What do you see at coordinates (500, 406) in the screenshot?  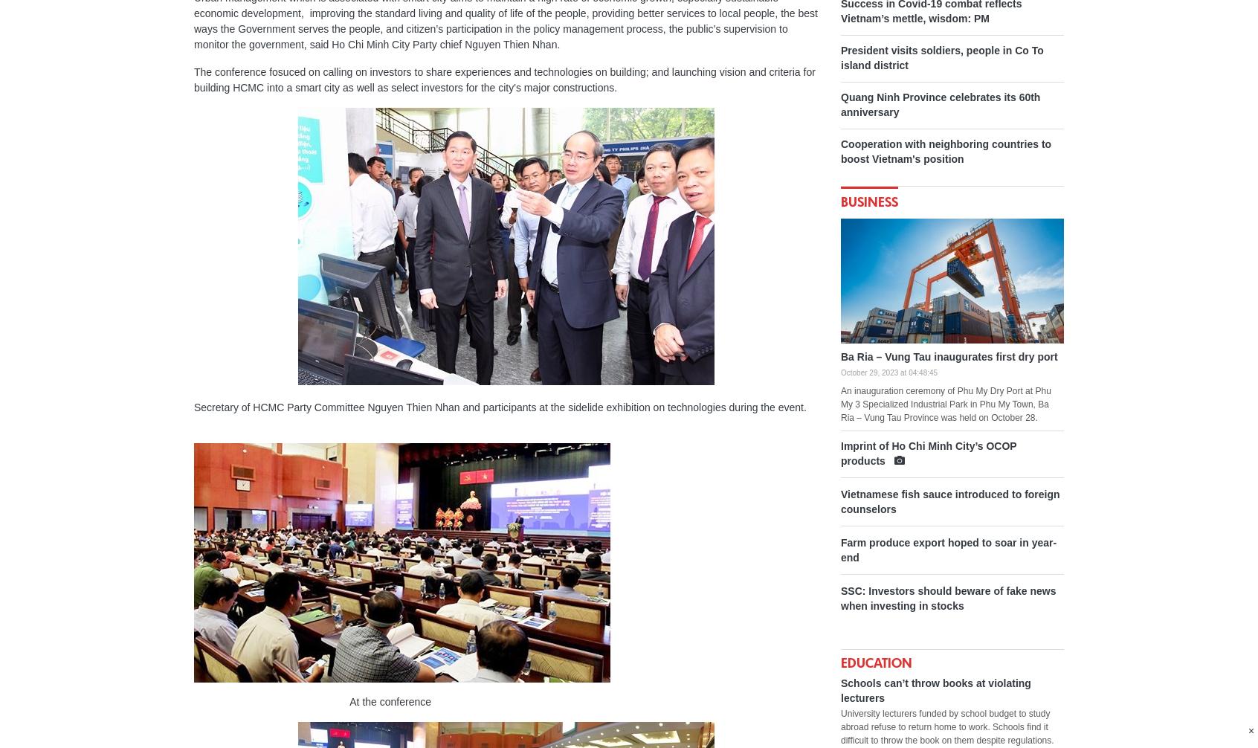 I see `'Secretary of HCMC Party Committee Nguyen Thien Nhan and participants at the sidelide exhibition on technologies during the event.'` at bounding box center [500, 406].